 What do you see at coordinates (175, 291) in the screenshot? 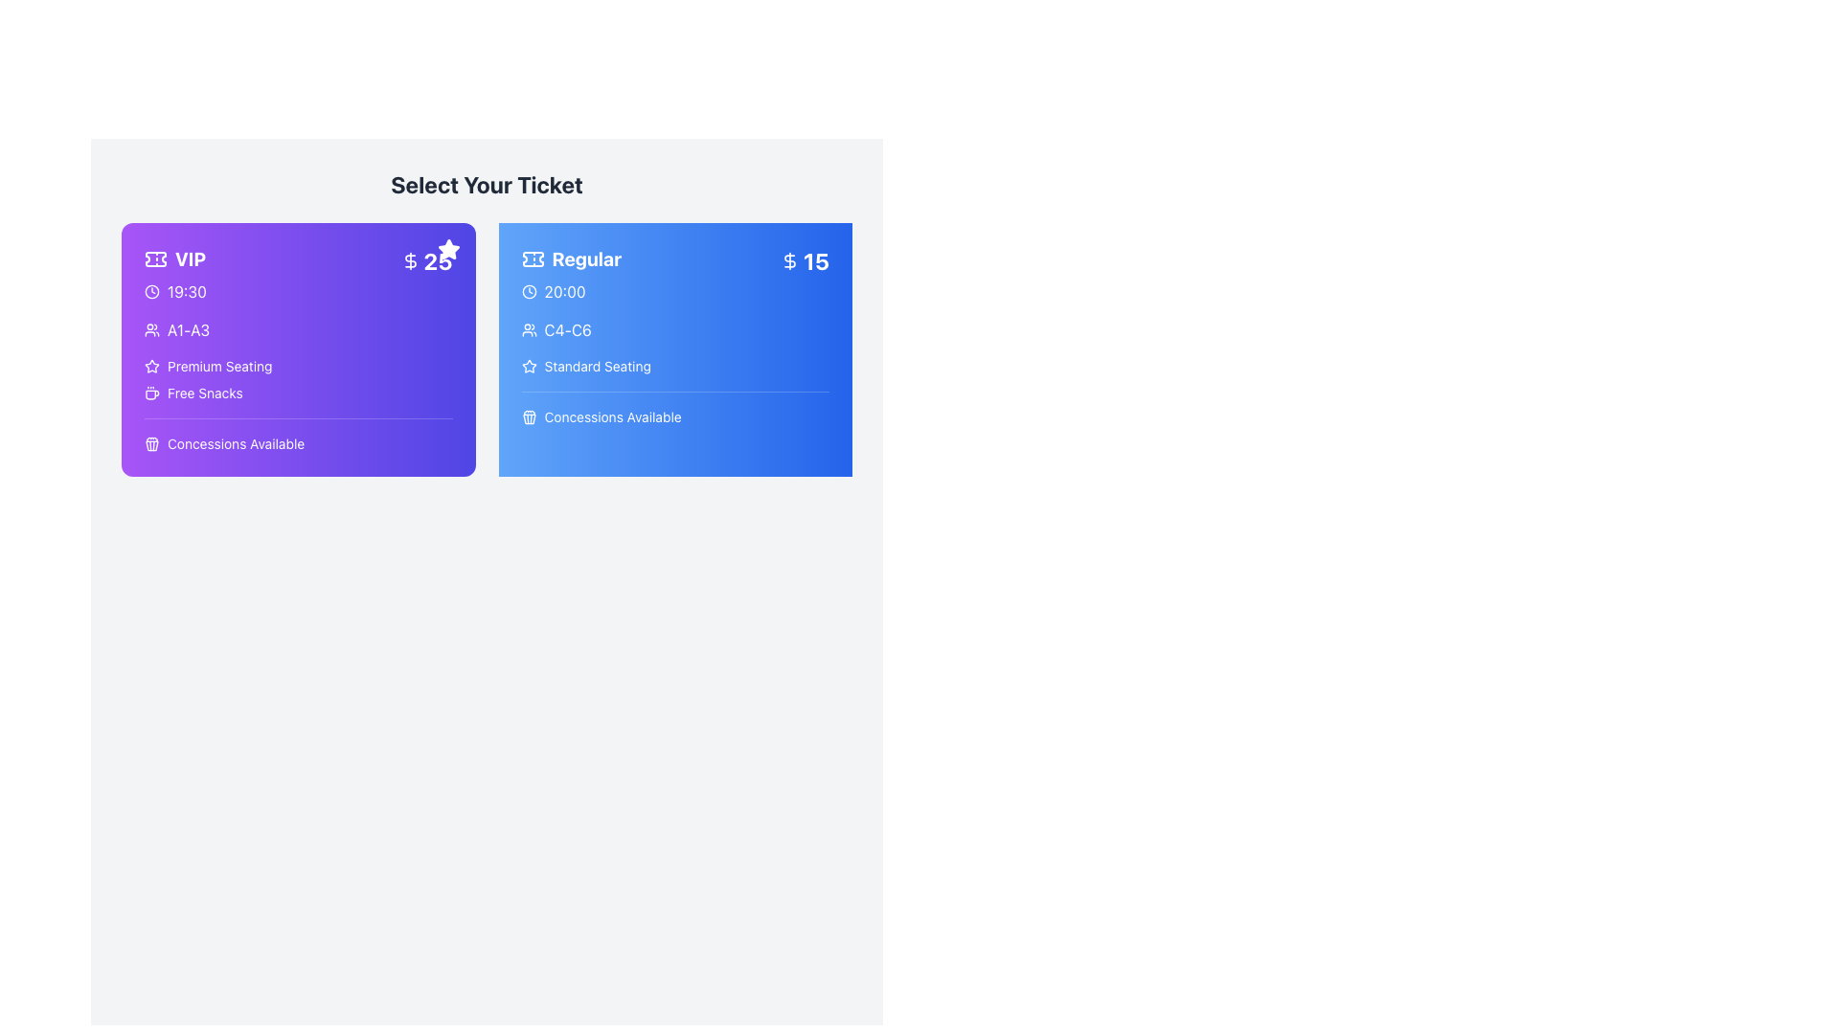
I see `the text label providing timing information for the VIP ticket, located underneath the main title 'VIP' and next to a ticket icon` at bounding box center [175, 291].